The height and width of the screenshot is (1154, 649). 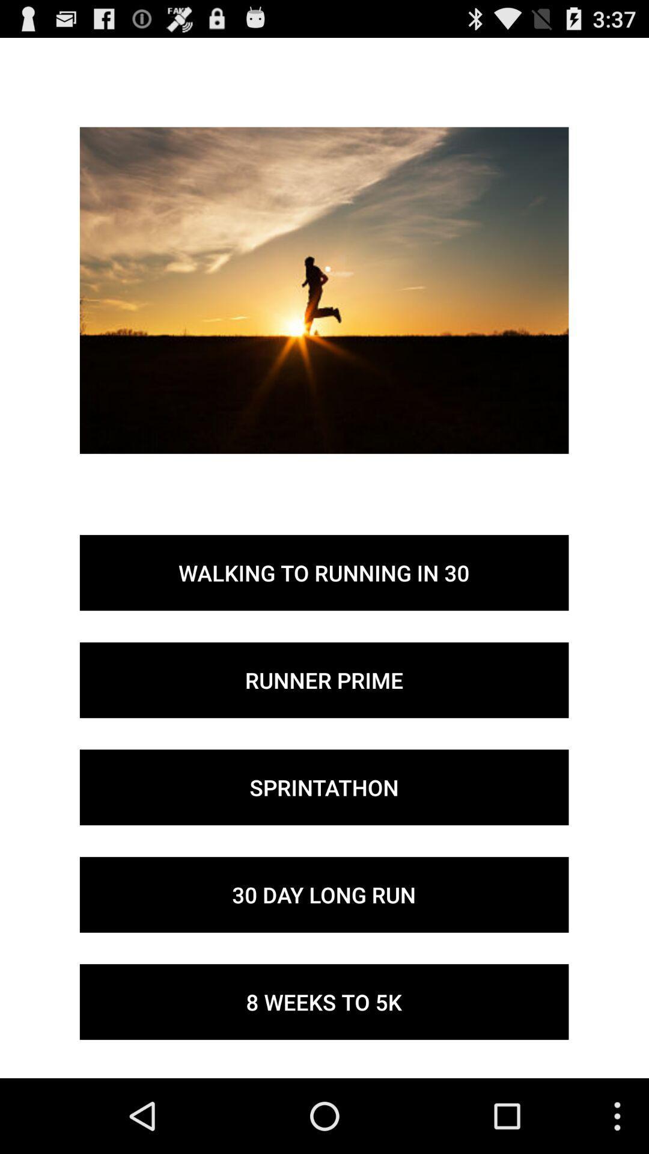 What do you see at coordinates (323, 894) in the screenshot?
I see `the item below the sprintathon item` at bounding box center [323, 894].